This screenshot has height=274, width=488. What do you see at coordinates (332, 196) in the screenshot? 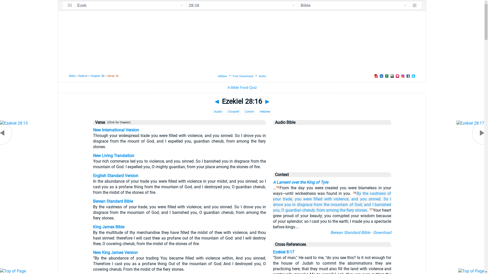
I see `'of your trade,'` at bounding box center [332, 196].